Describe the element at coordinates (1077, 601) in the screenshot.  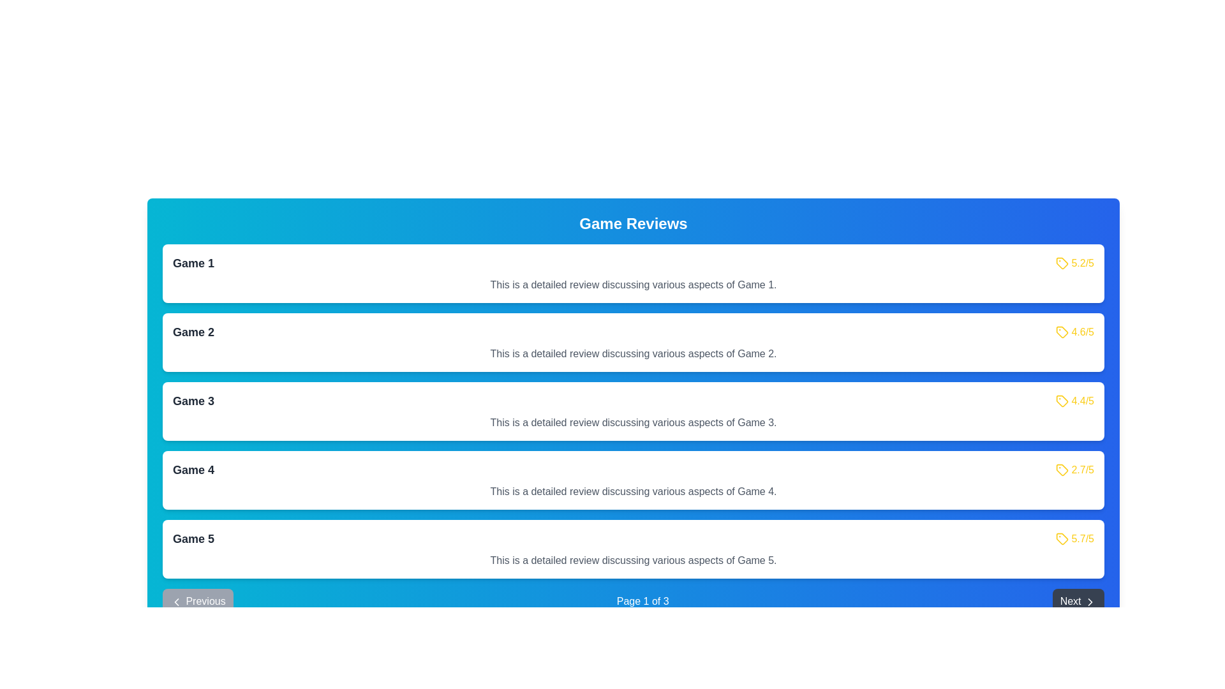
I see `the 'Next' button located at the far right end of the footer navigation bar` at that location.